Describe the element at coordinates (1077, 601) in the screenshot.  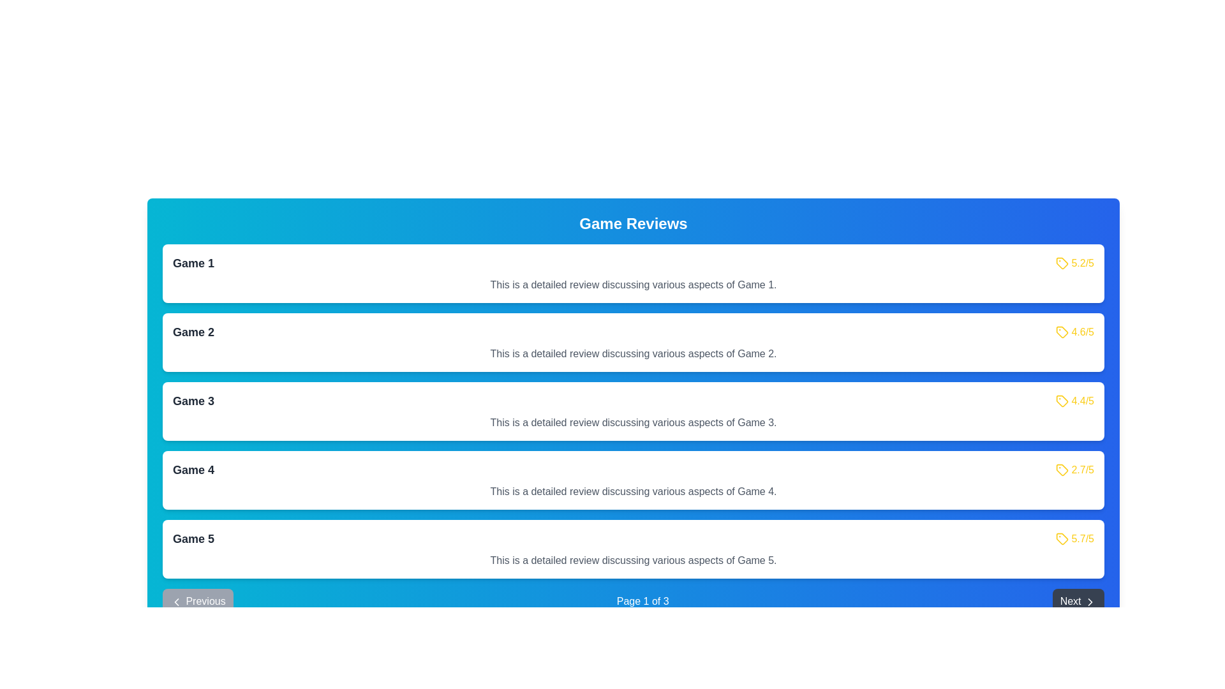
I see `the 'Next' button located at the far right end of the footer navigation bar` at that location.